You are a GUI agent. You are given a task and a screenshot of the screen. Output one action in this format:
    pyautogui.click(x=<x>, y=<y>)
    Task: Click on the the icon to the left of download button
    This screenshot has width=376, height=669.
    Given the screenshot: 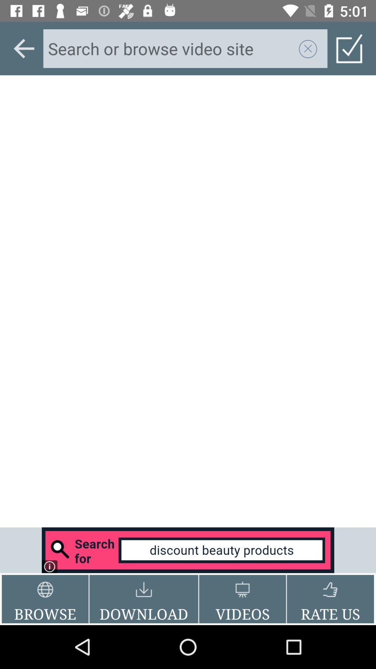 What is the action you would take?
    pyautogui.click(x=45, y=599)
    